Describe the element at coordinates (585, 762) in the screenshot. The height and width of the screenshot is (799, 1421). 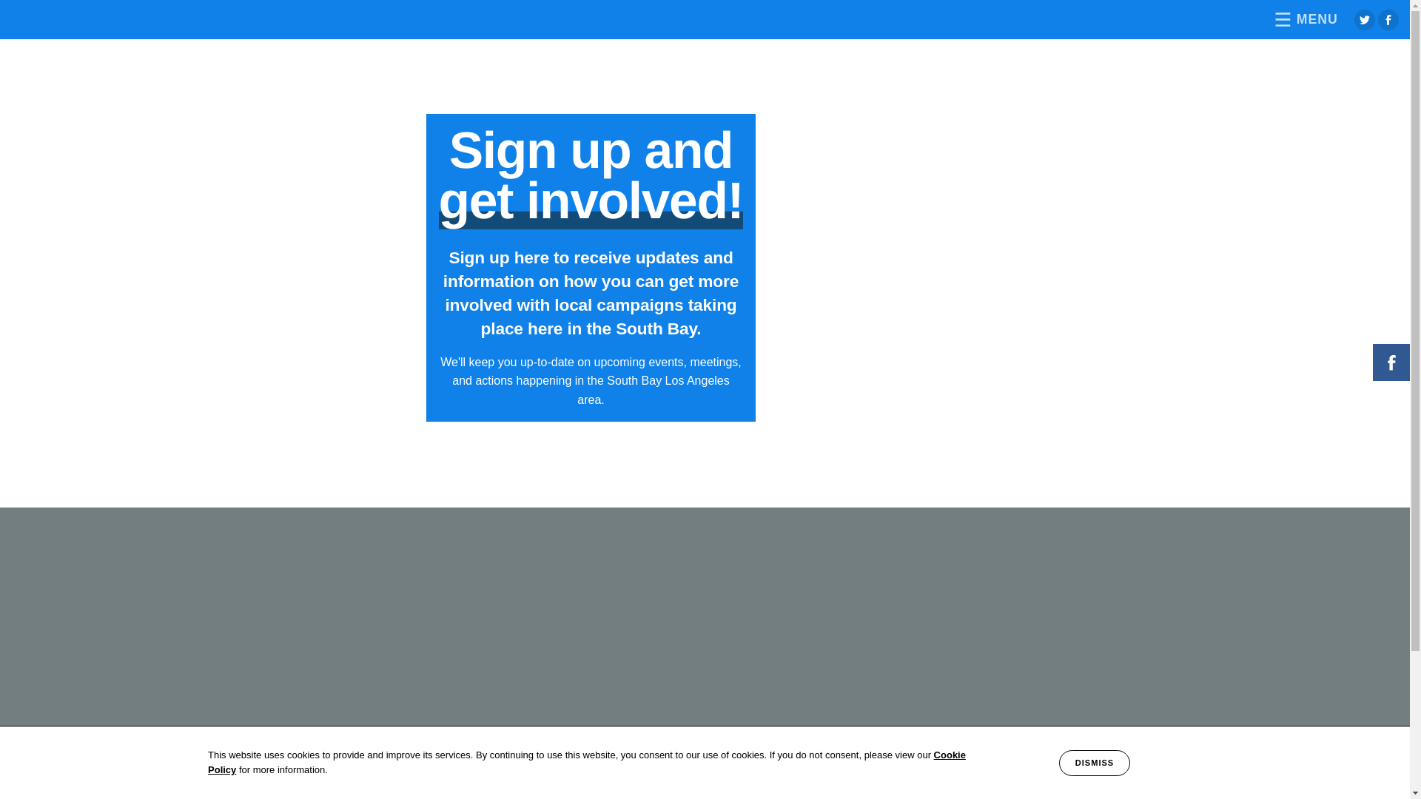
I see `'Cookie Policy'` at that location.